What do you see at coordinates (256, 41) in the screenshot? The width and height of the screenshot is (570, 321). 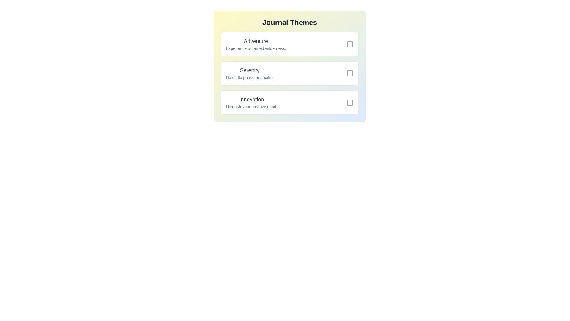 I see `the 'Adventure' section title text display element, which is positioned at the top of the vertical list of sections, directly above the text 'Experience untamed wilderness.'` at bounding box center [256, 41].